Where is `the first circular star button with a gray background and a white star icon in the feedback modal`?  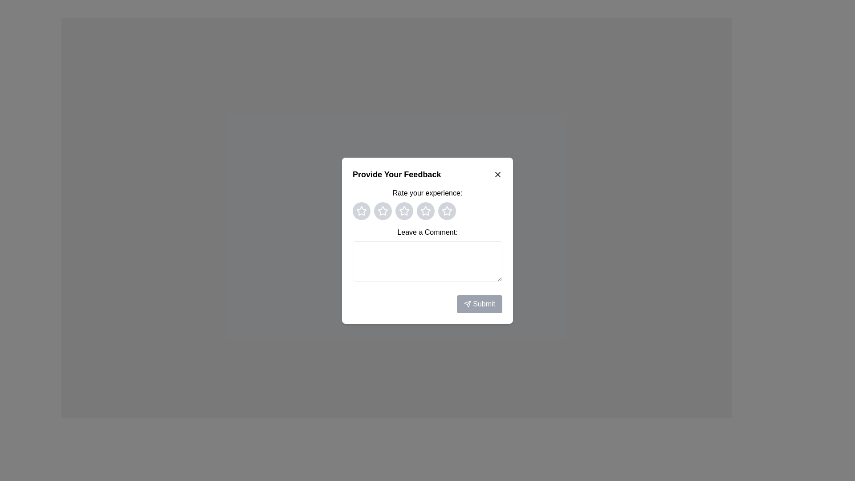 the first circular star button with a gray background and a white star icon in the feedback modal is located at coordinates (361, 211).